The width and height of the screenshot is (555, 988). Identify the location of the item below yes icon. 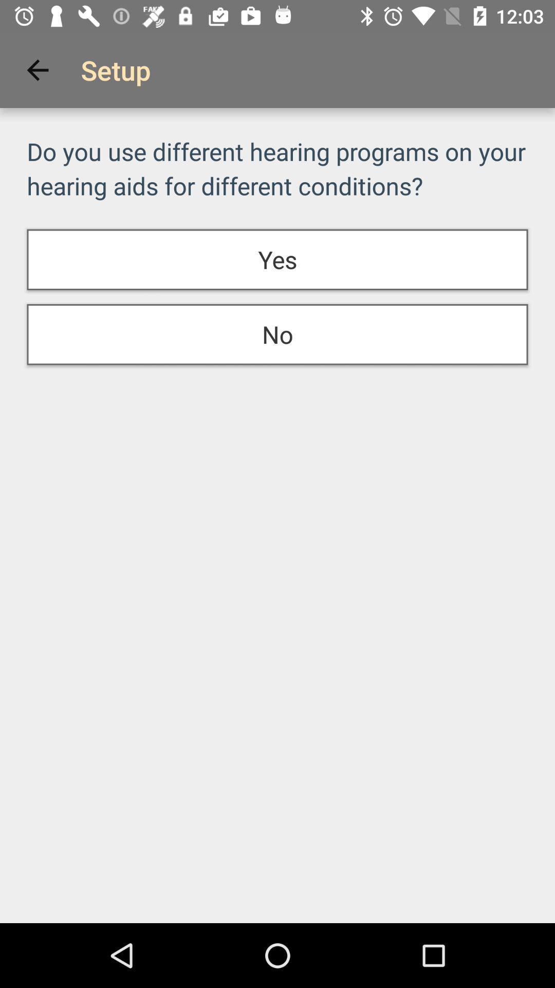
(277, 334).